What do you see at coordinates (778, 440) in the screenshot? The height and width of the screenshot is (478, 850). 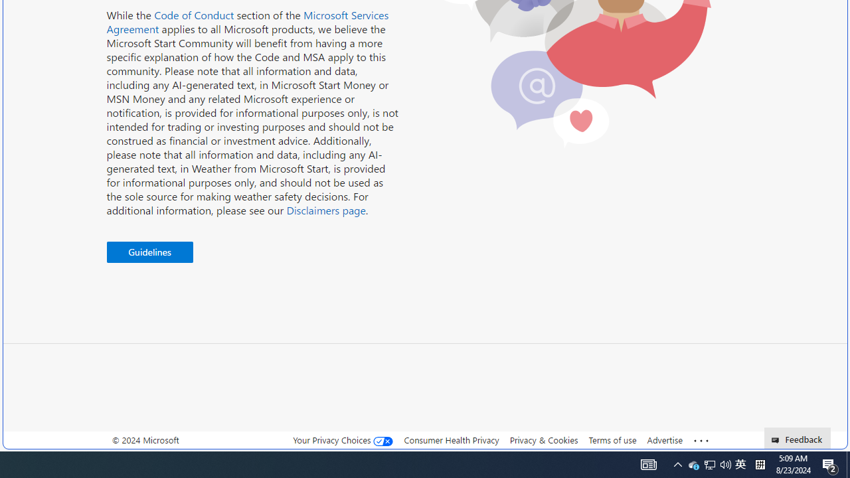 I see `'Class: feedback_link_icon-DS-EntryPoint1-1'` at bounding box center [778, 440].